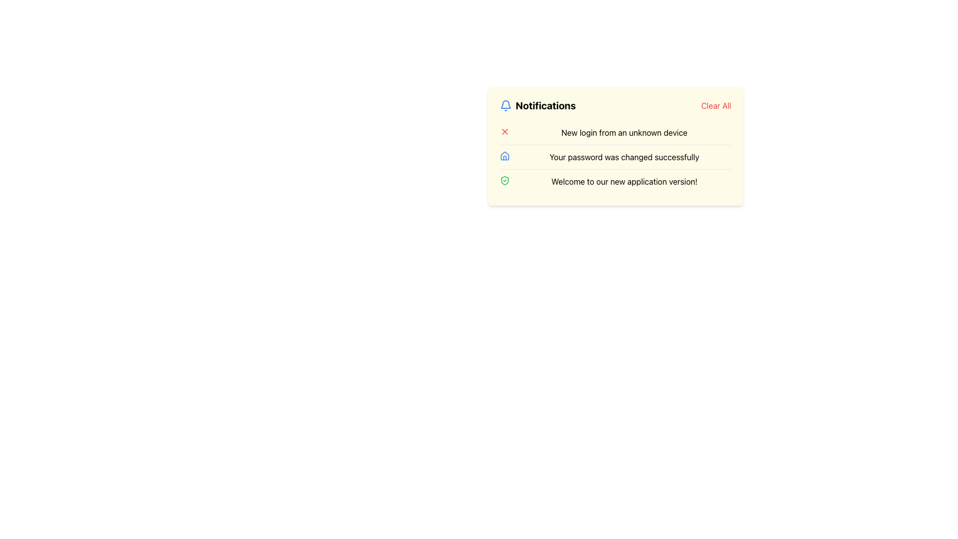 The width and height of the screenshot is (958, 539). What do you see at coordinates (615, 181) in the screenshot?
I see `the third notification item in the notification panel that displays an update or welcome message` at bounding box center [615, 181].